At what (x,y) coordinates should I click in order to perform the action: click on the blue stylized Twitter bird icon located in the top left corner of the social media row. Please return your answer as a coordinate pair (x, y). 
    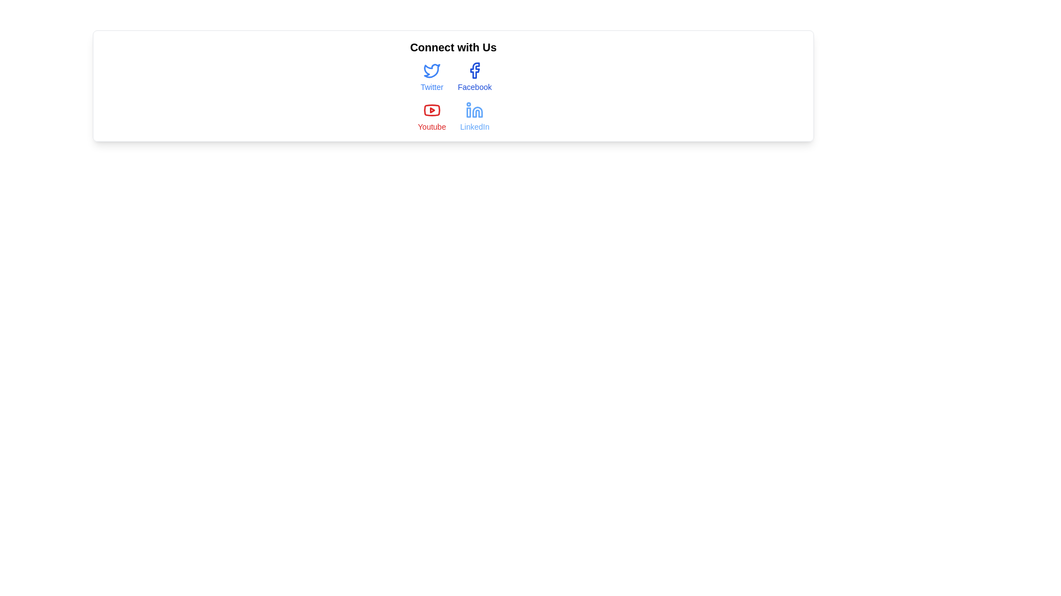
    Looking at the image, I should click on (431, 71).